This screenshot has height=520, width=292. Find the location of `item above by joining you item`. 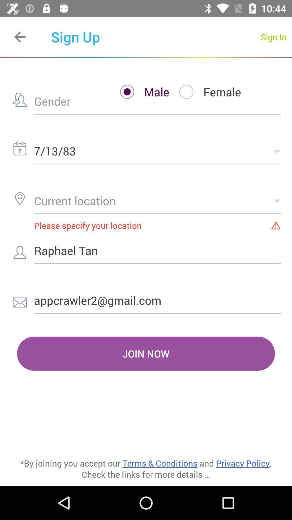

item above by joining you item is located at coordinates (146, 353).